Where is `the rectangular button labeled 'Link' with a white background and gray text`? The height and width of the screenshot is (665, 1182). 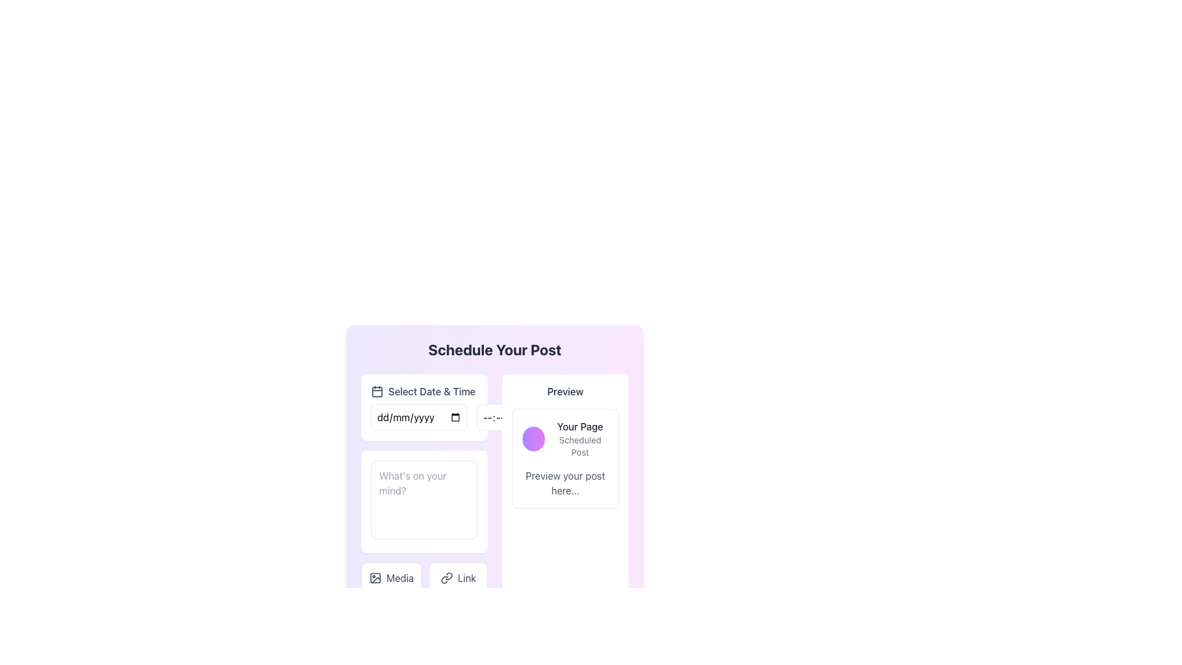
the rectangular button labeled 'Link' with a white background and gray text is located at coordinates (457, 578).